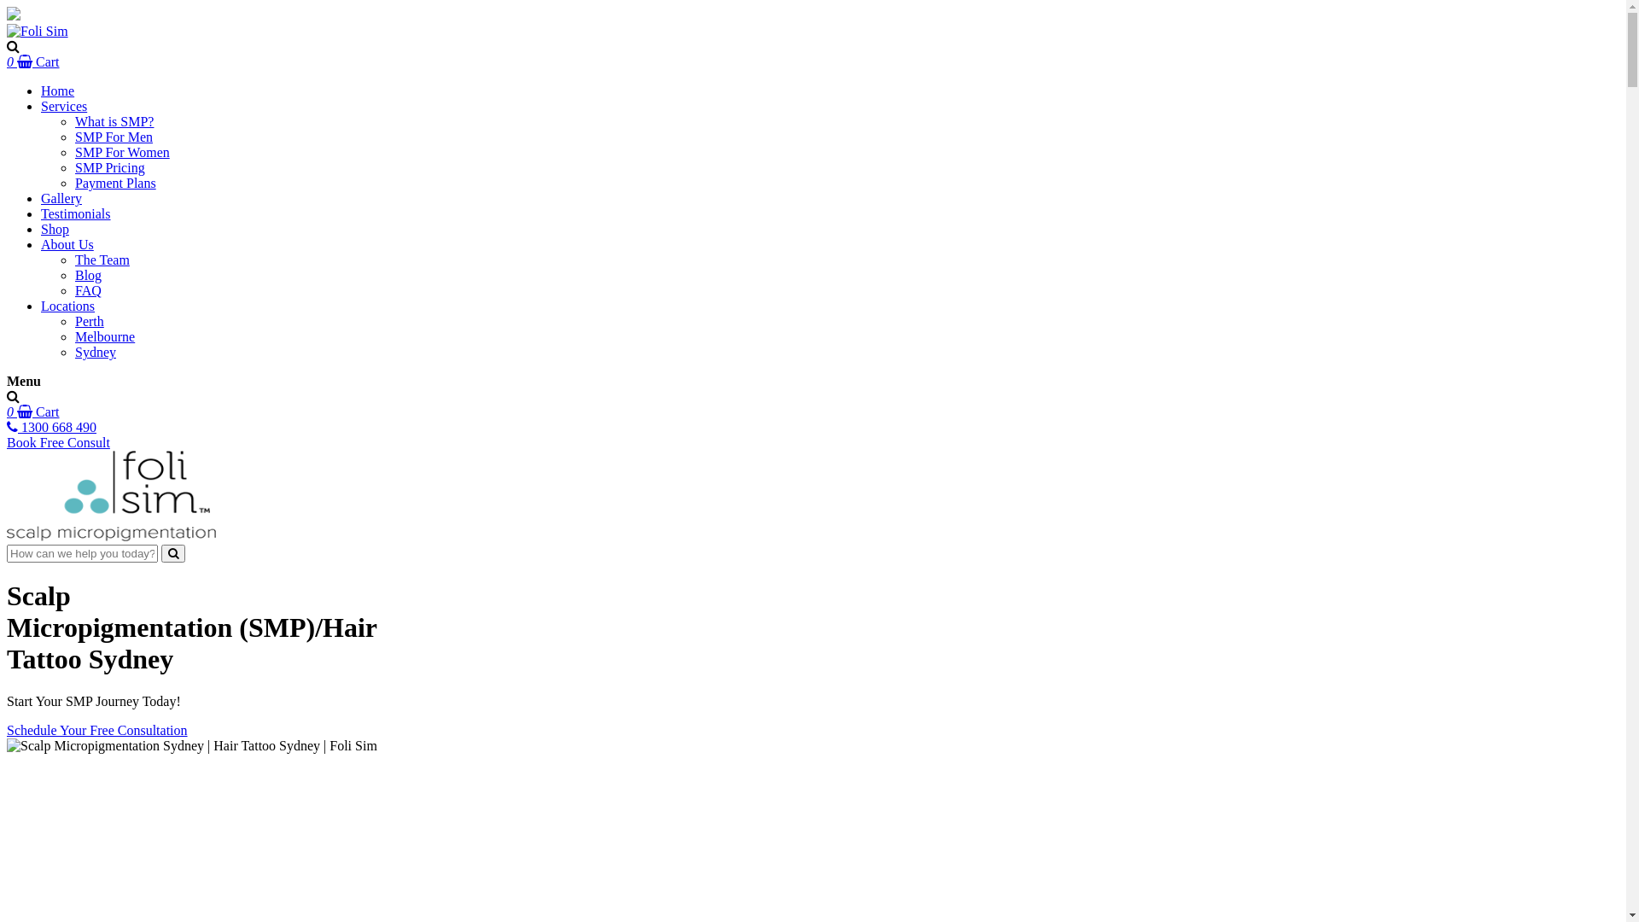  I want to click on 'SMP Pricing', so click(109, 167).